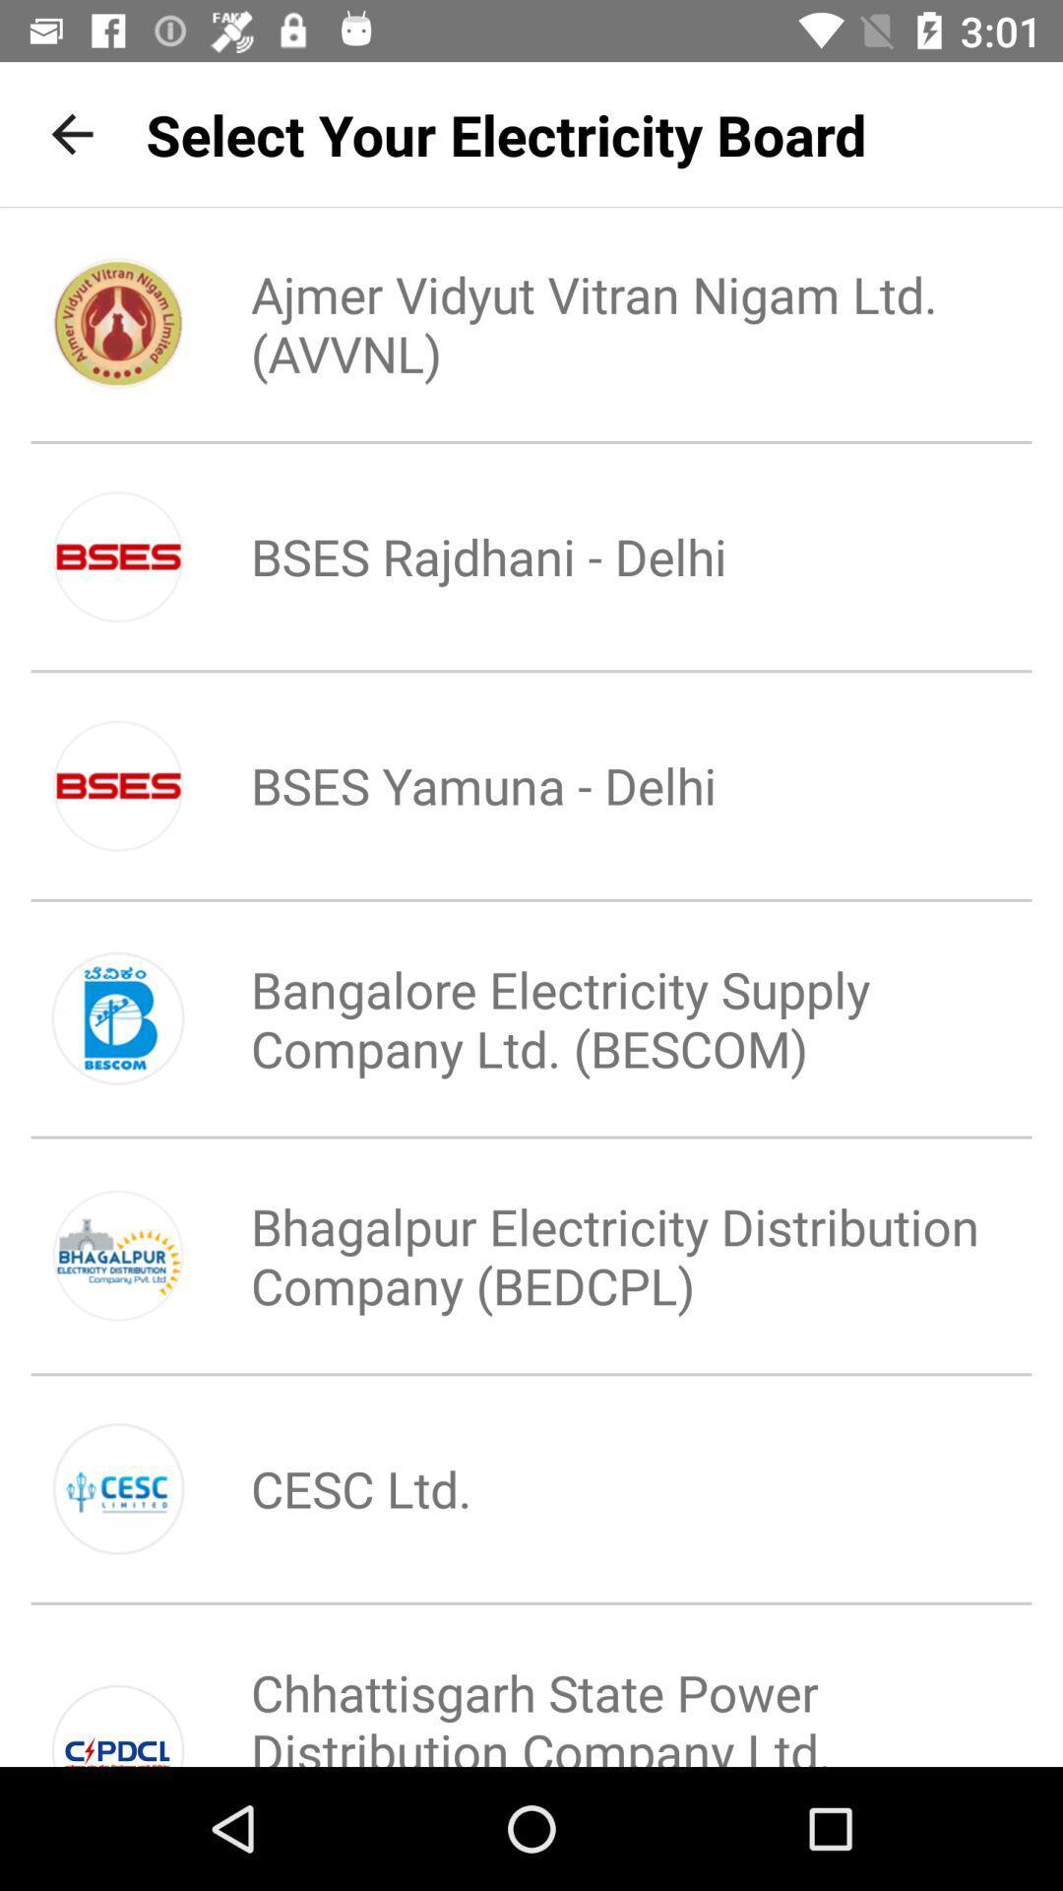 This screenshot has height=1891, width=1063. What do you see at coordinates (327, 1488) in the screenshot?
I see `the cesc ltd. icon` at bounding box center [327, 1488].